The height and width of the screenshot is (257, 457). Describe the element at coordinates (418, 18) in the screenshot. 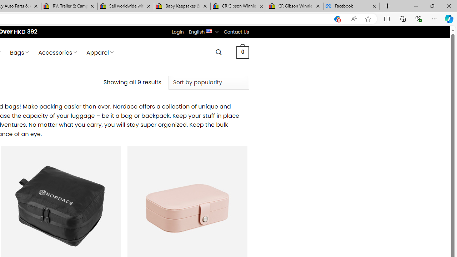

I see `'Browser essentials'` at that location.